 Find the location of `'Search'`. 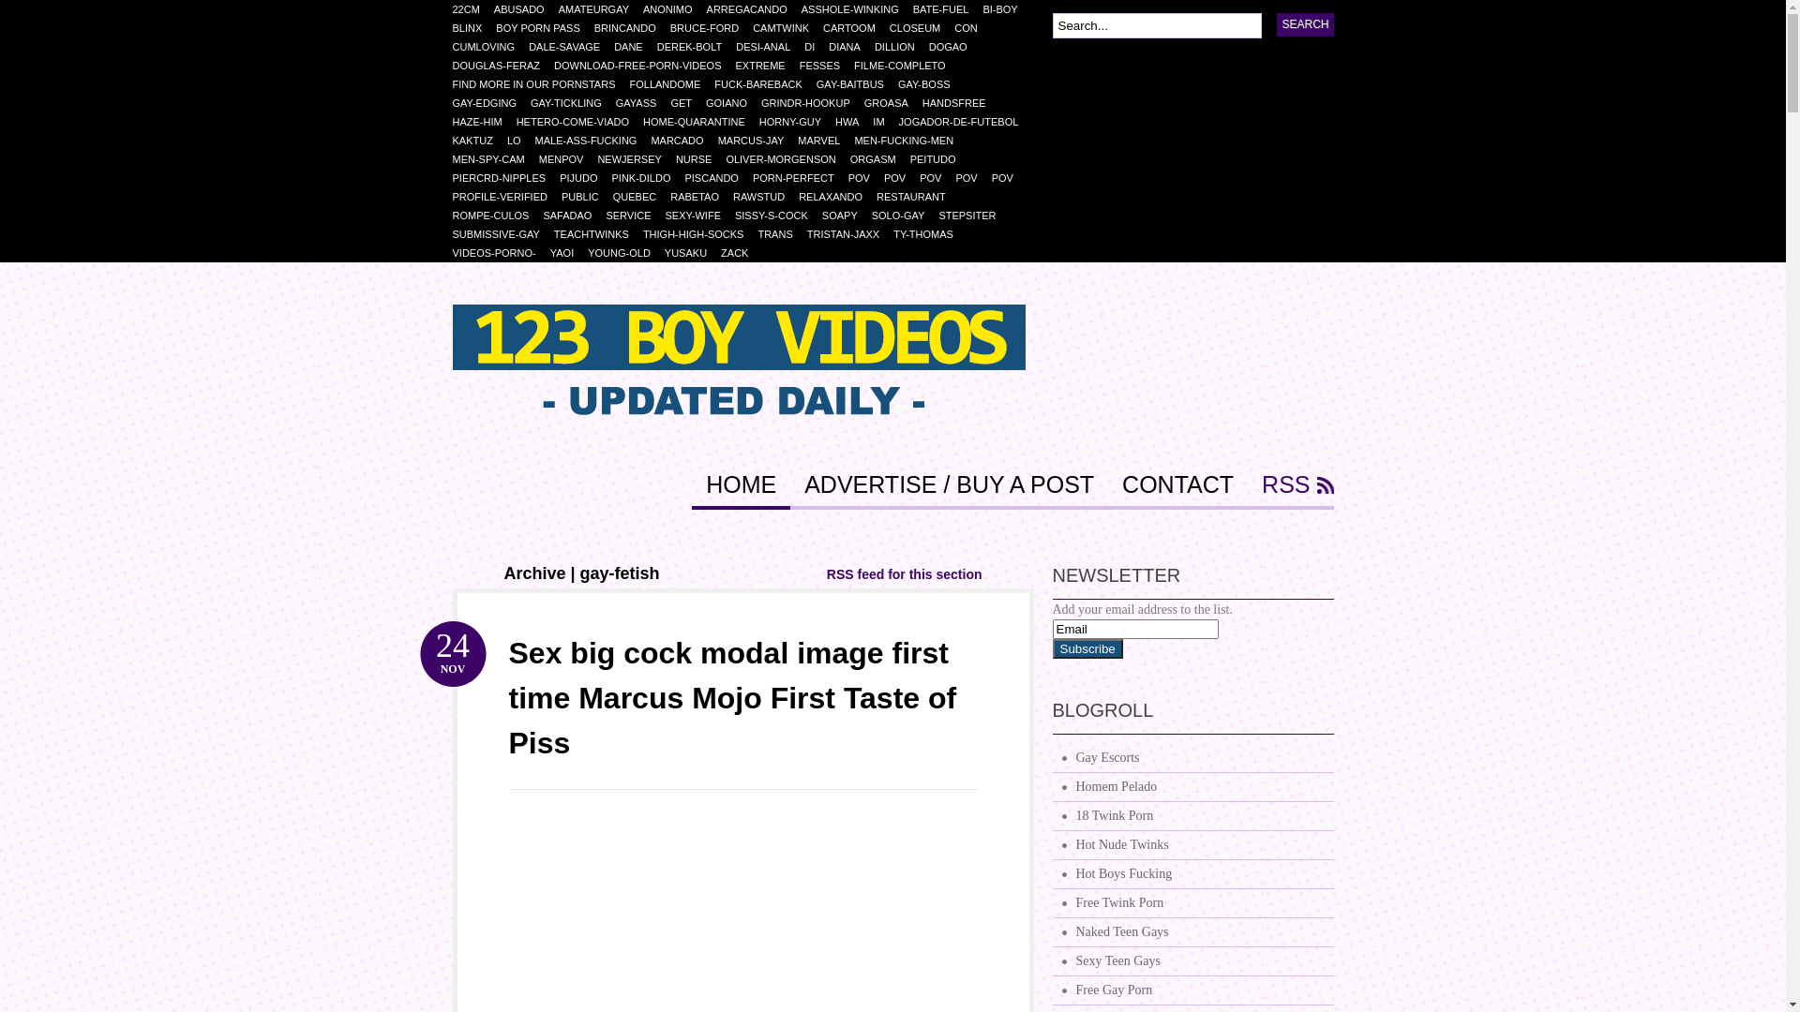

'Search' is located at coordinates (1304, 24).